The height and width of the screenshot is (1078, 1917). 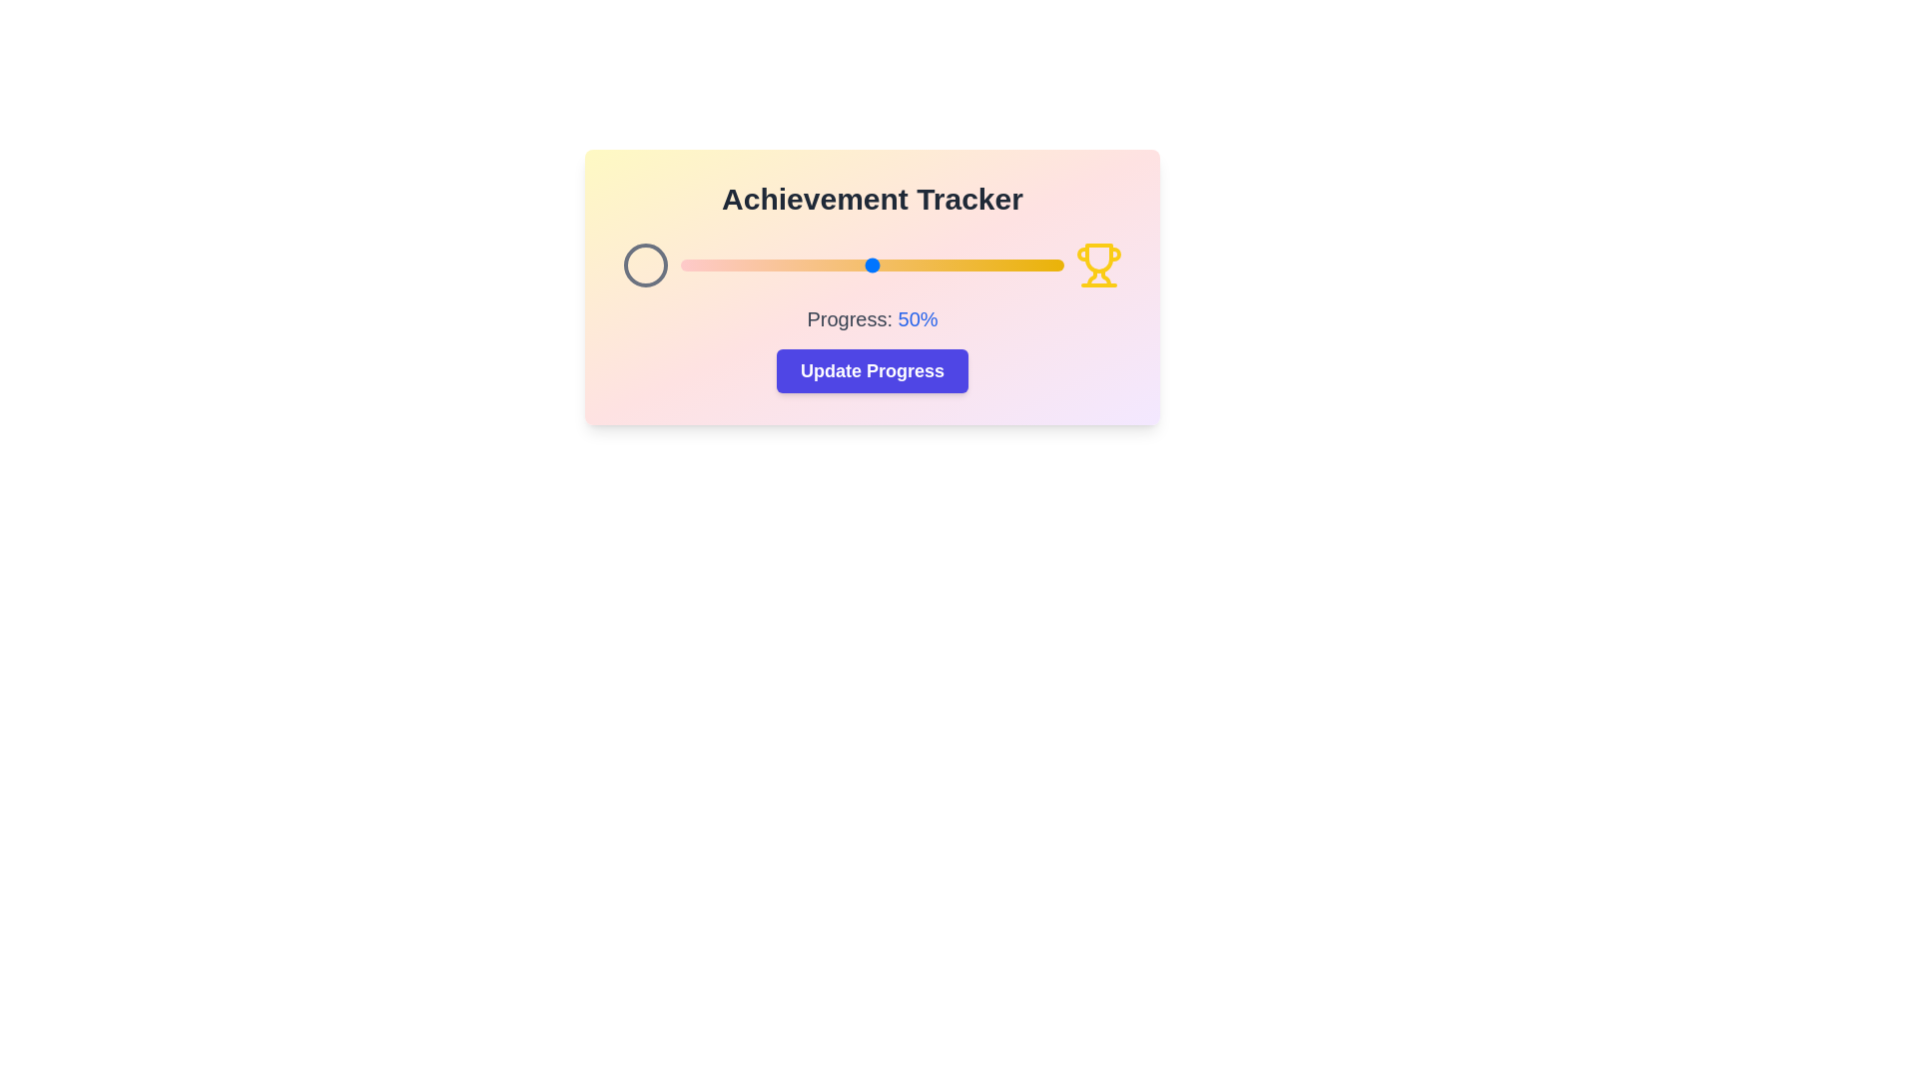 I want to click on the slider to set the progress to 16%, so click(x=741, y=265).